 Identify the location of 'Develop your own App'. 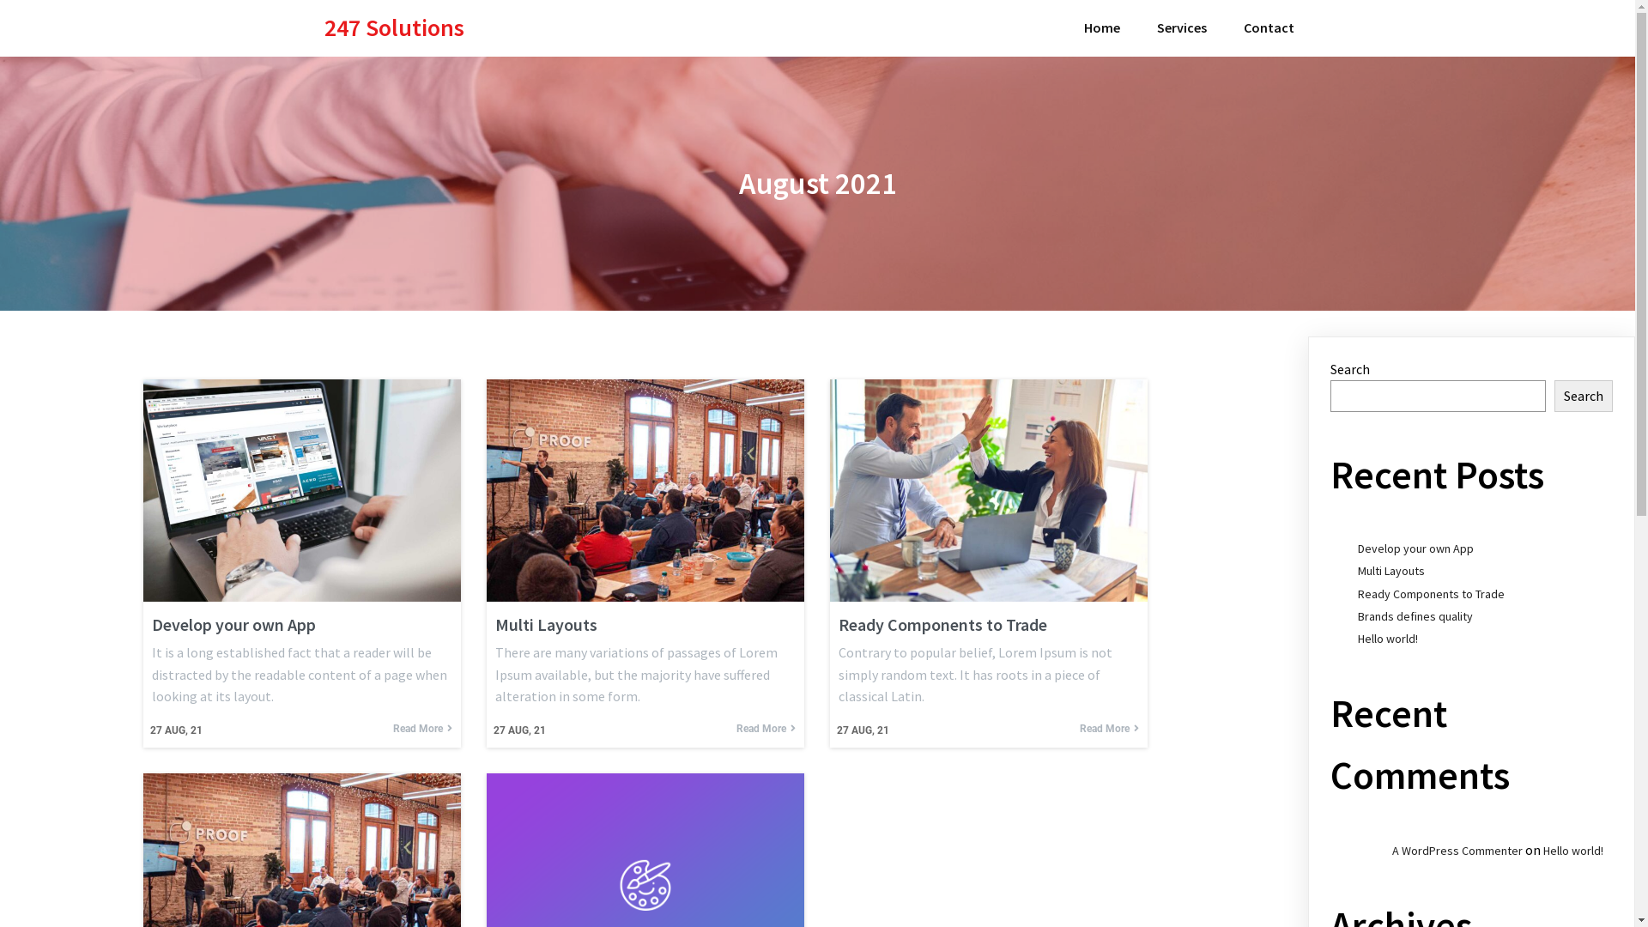
(1357, 548).